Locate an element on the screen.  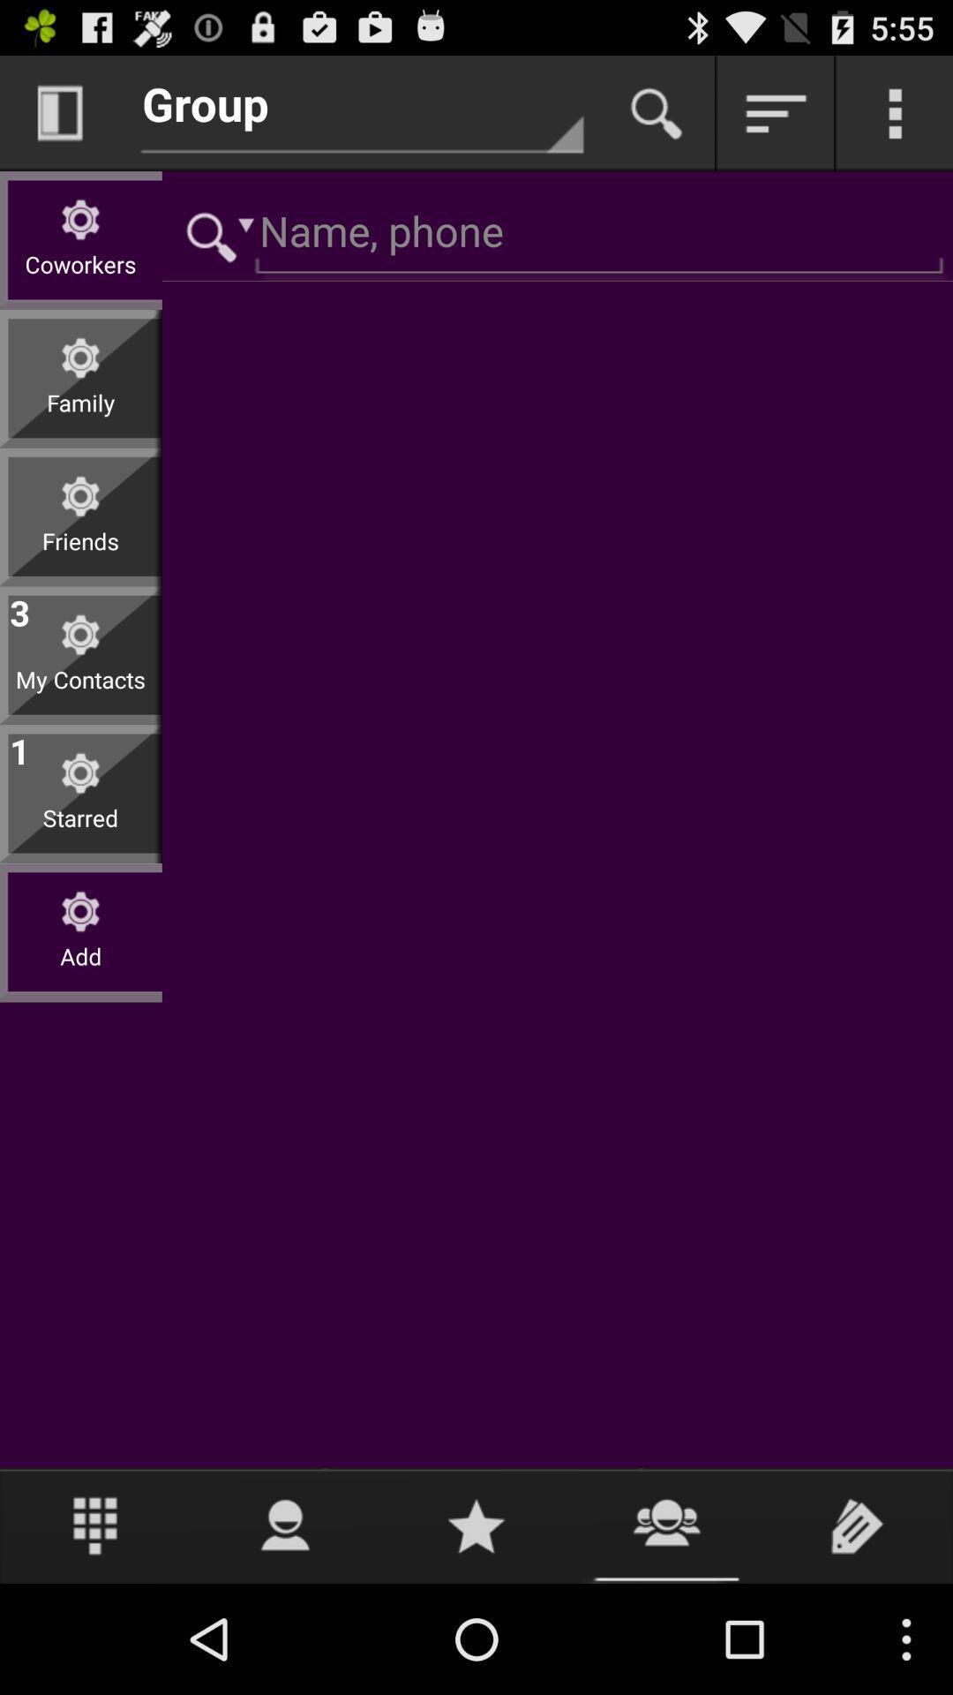
the dialpad icon is located at coordinates (95, 1631).